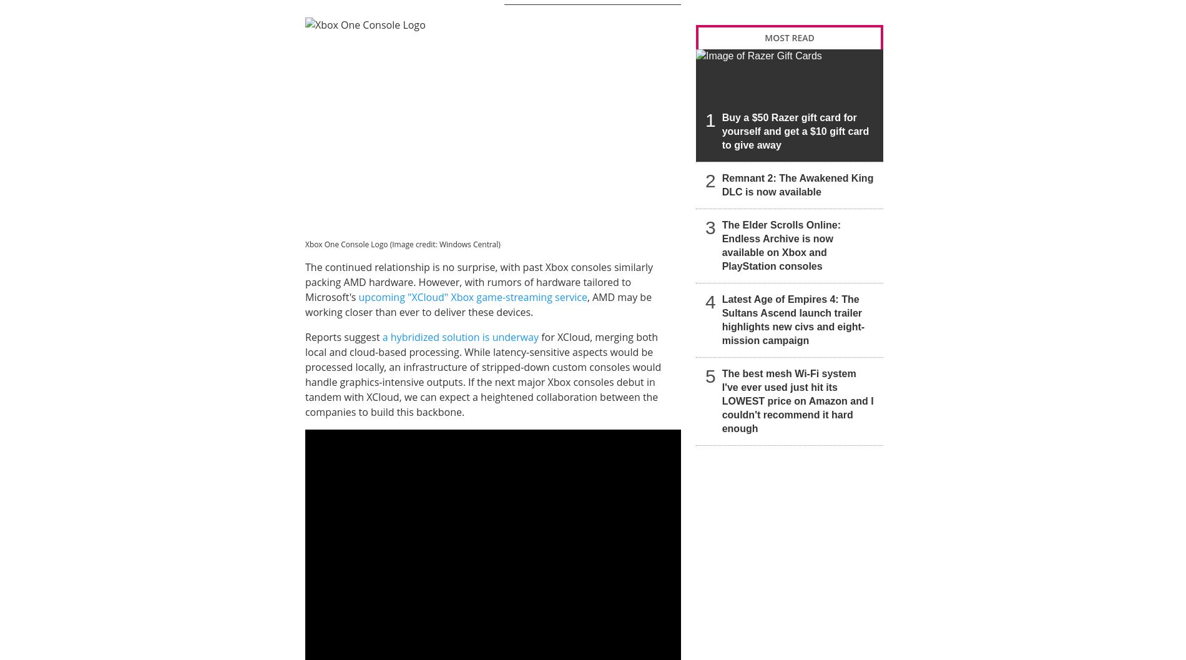 The height and width of the screenshot is (660, 1186). Describe the element at coordinates (305, 305) in the screenshot. I see `', AMD may be working closer than ever to deliver these devices.'` at that location.